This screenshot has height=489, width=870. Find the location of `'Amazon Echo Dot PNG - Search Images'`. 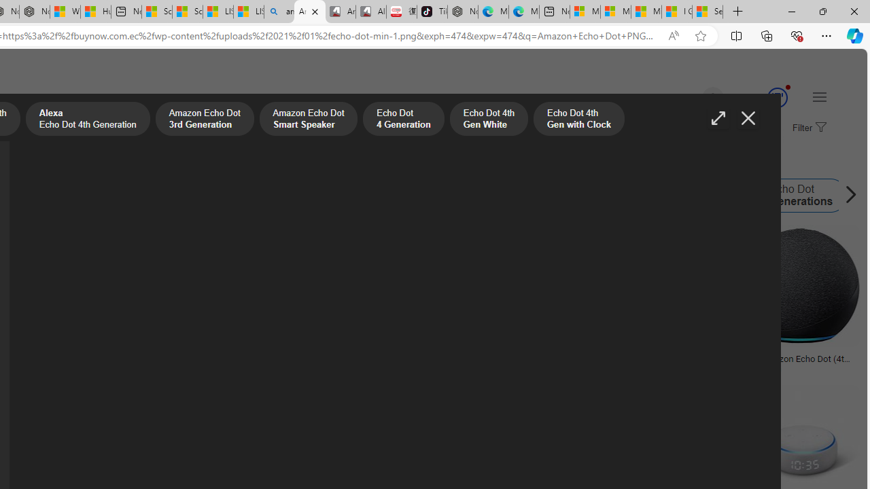

'Amazon Echo Dot PNG - Search Images' is located at coordinates (309, 12).